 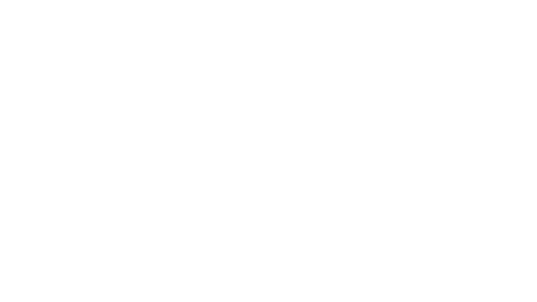 I want to click on Expand Education, so click(x=62, y=265).